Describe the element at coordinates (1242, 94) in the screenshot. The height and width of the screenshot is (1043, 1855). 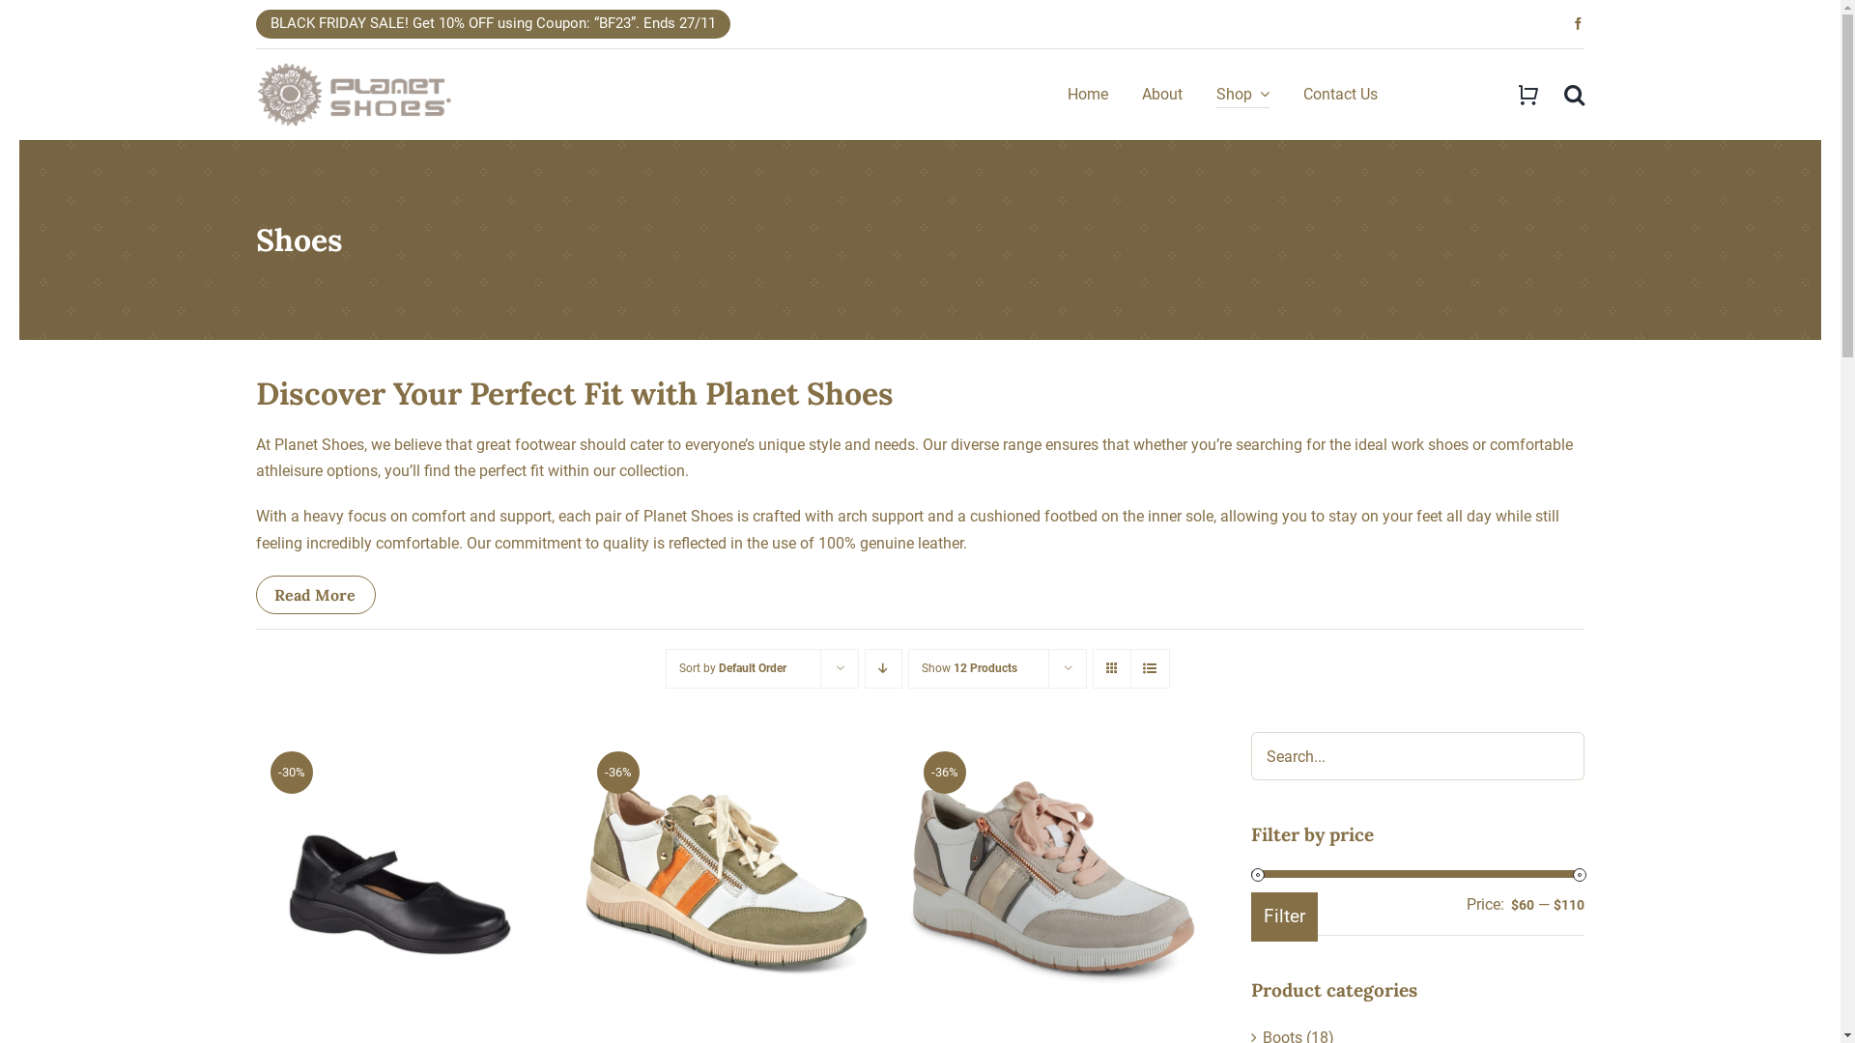
I see `'Shop'` at that location.